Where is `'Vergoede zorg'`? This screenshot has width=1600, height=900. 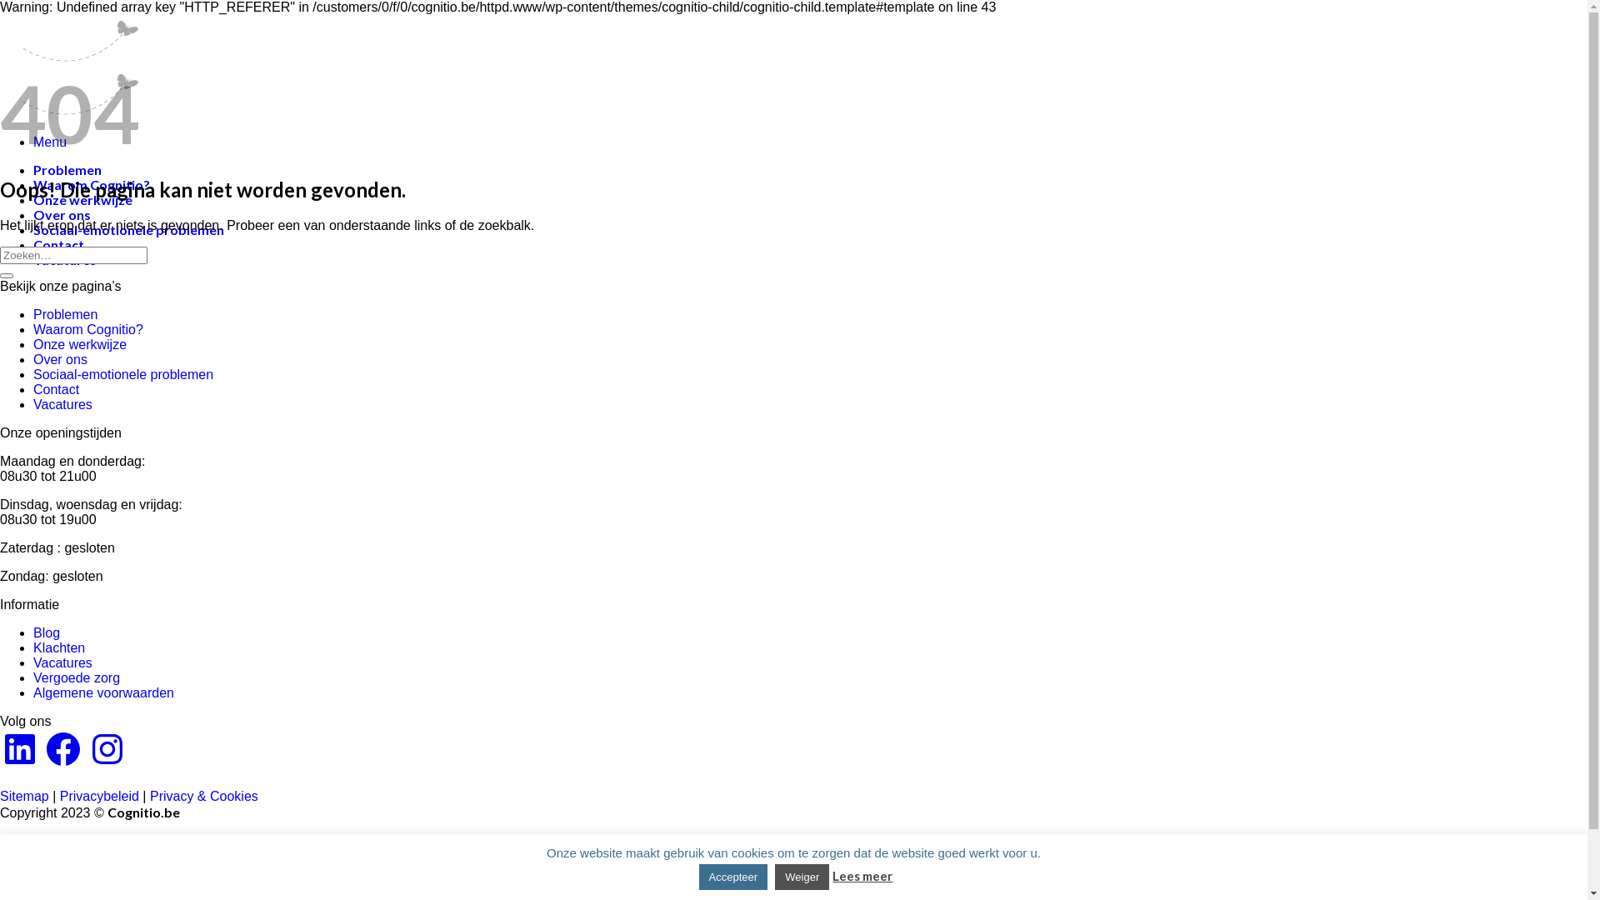 'Vergoede zorg' is located at coordinates (75, 677).